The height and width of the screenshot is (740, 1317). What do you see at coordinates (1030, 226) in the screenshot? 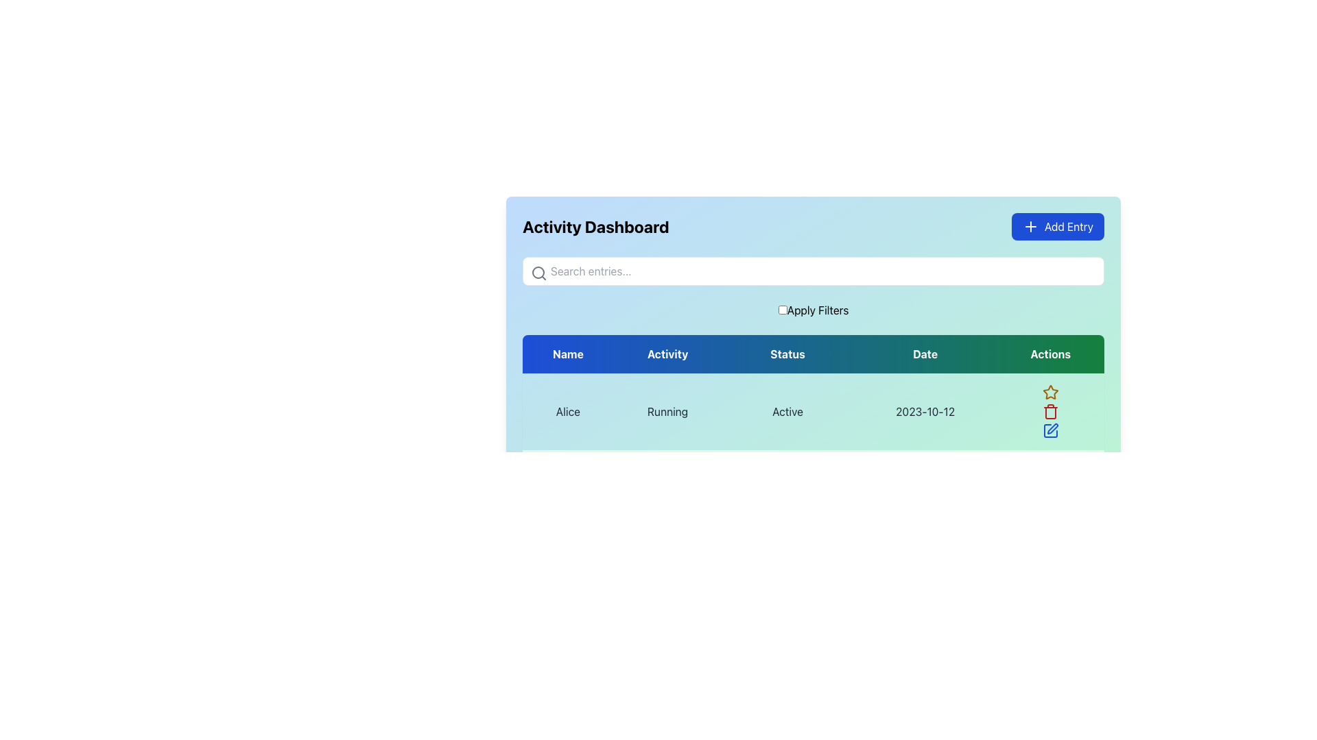
I see `the small, blue-colored plus icon located to the left of the 'Add Entry' button in the top-right corner of the interface` at bounding box center [1030, 226].